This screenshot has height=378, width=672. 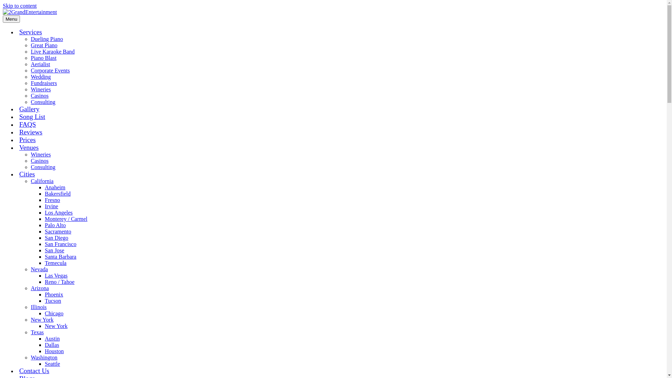 I want to click on 'Illinois', so click(x=38, y=307).